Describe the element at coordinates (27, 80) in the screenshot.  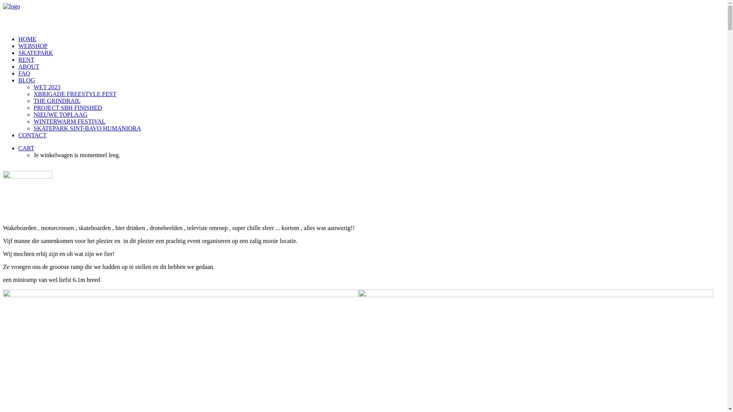
I see `'BLOG'` at that location.